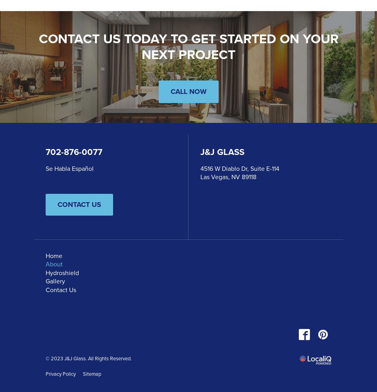 This screenshot has height=392, width=377. I want to click on '702-876-0077', so click(74, 151).